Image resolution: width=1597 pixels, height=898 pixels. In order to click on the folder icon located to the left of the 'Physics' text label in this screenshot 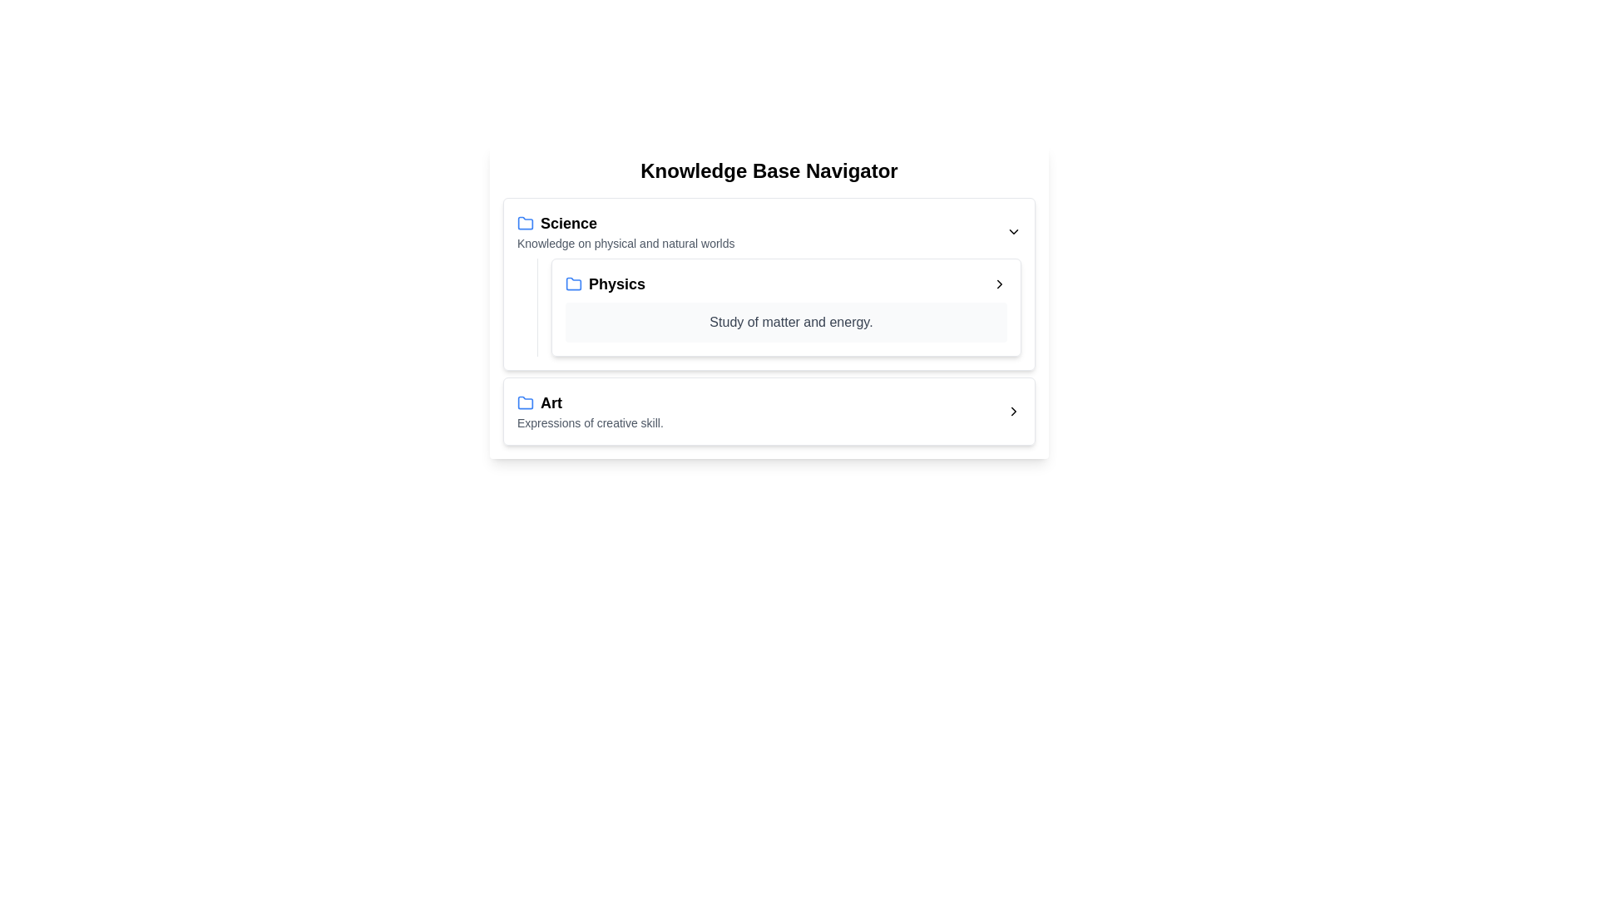, I will do `click(574, 284)`.